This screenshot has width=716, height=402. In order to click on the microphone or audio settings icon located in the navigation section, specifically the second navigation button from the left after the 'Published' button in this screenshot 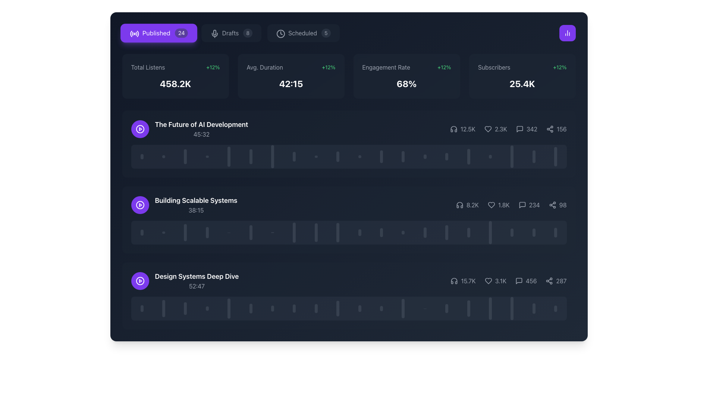, I will do `click(214, 34)`.